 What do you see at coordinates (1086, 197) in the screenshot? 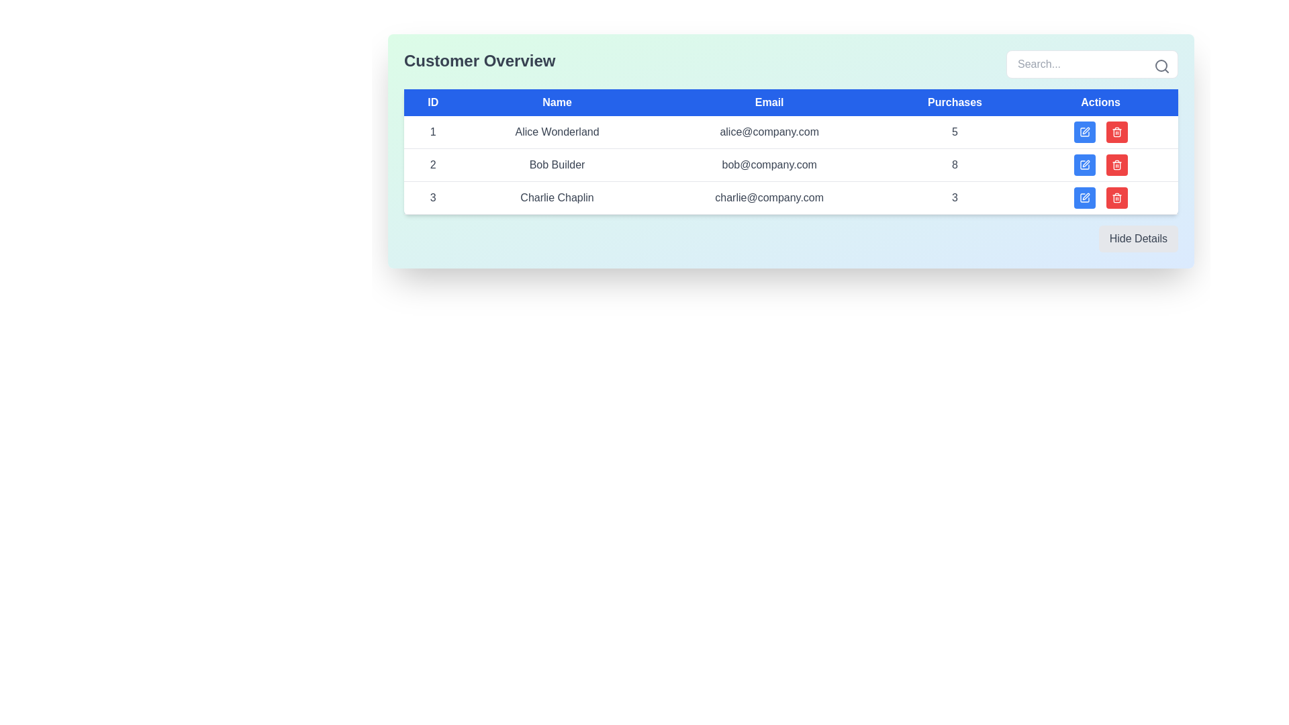
I see `the small, stylized pen-like icon located in the 'Actions' column of the third row in the table` at bounding box center [1086, 197].